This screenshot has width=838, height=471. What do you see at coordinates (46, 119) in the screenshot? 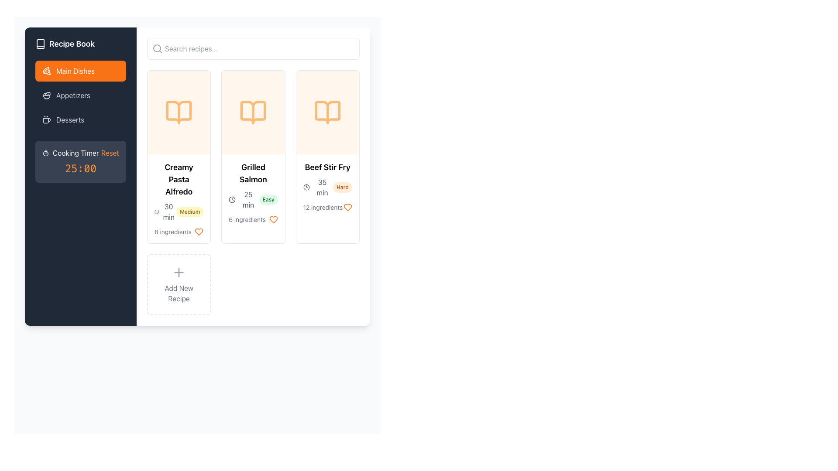
I see `the Coffee Cup icon located in the left-hand menu, adjacent to the 'Desserts' label` at bounding box center [46, 119].